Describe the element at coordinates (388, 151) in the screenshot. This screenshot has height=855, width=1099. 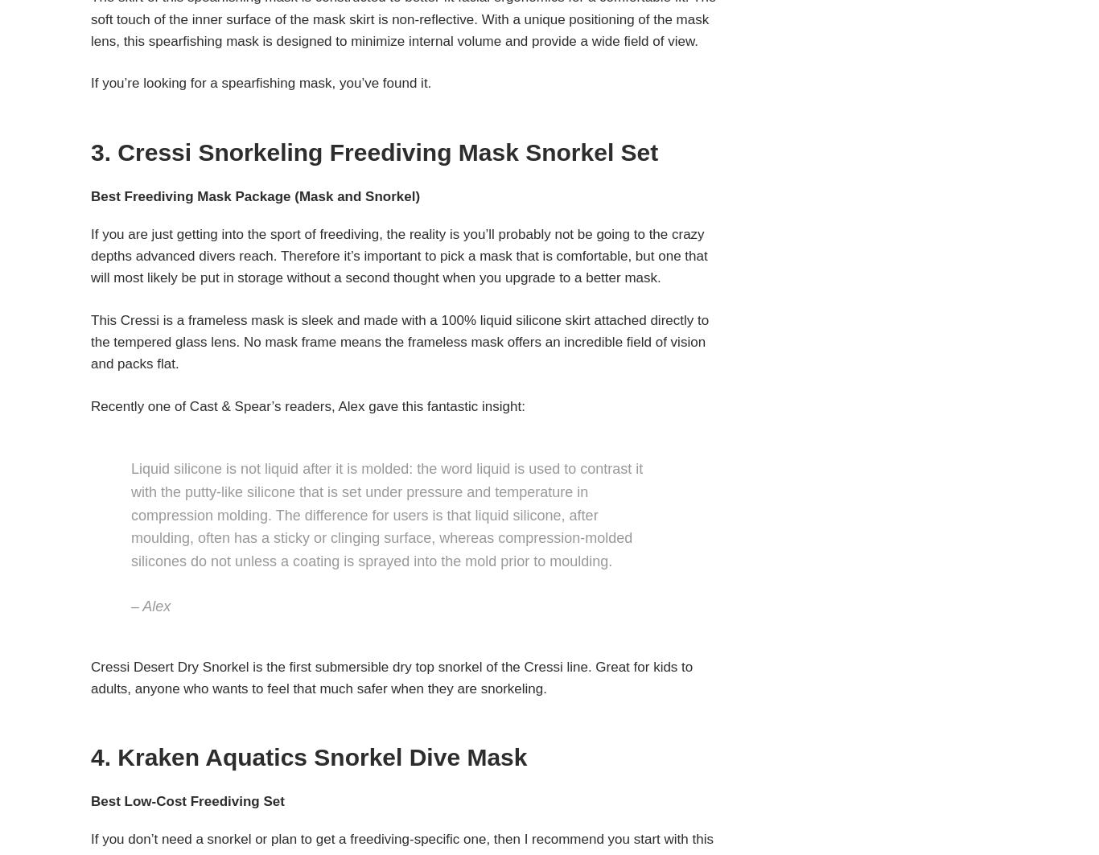
I see `'Cressi Snorkeling Freediving Mask Snorkel Set'` at that location.